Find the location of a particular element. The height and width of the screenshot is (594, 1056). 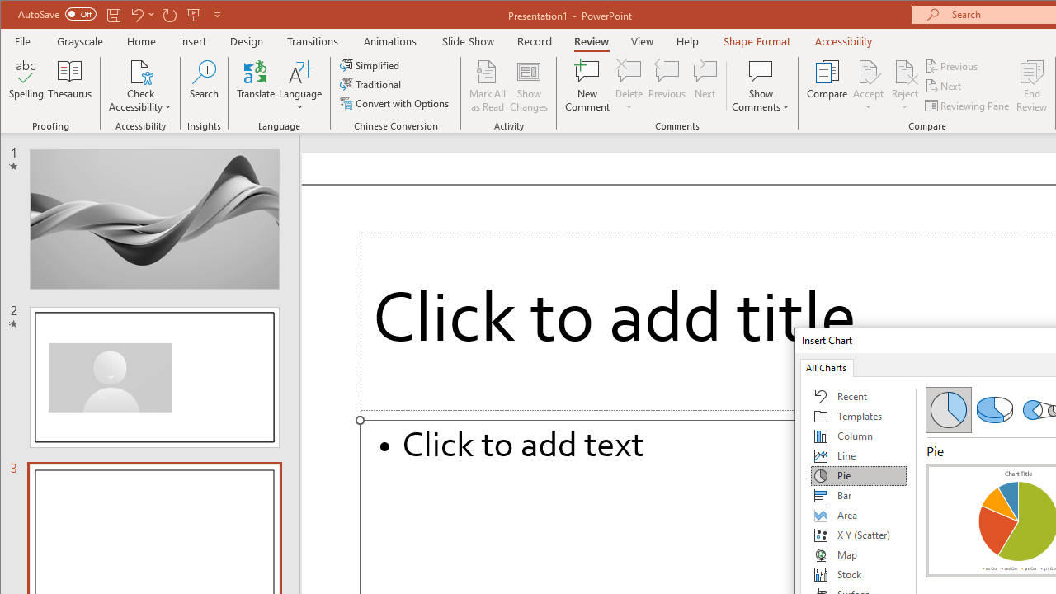

'Accept Change' is located at coordinates (867, 70).